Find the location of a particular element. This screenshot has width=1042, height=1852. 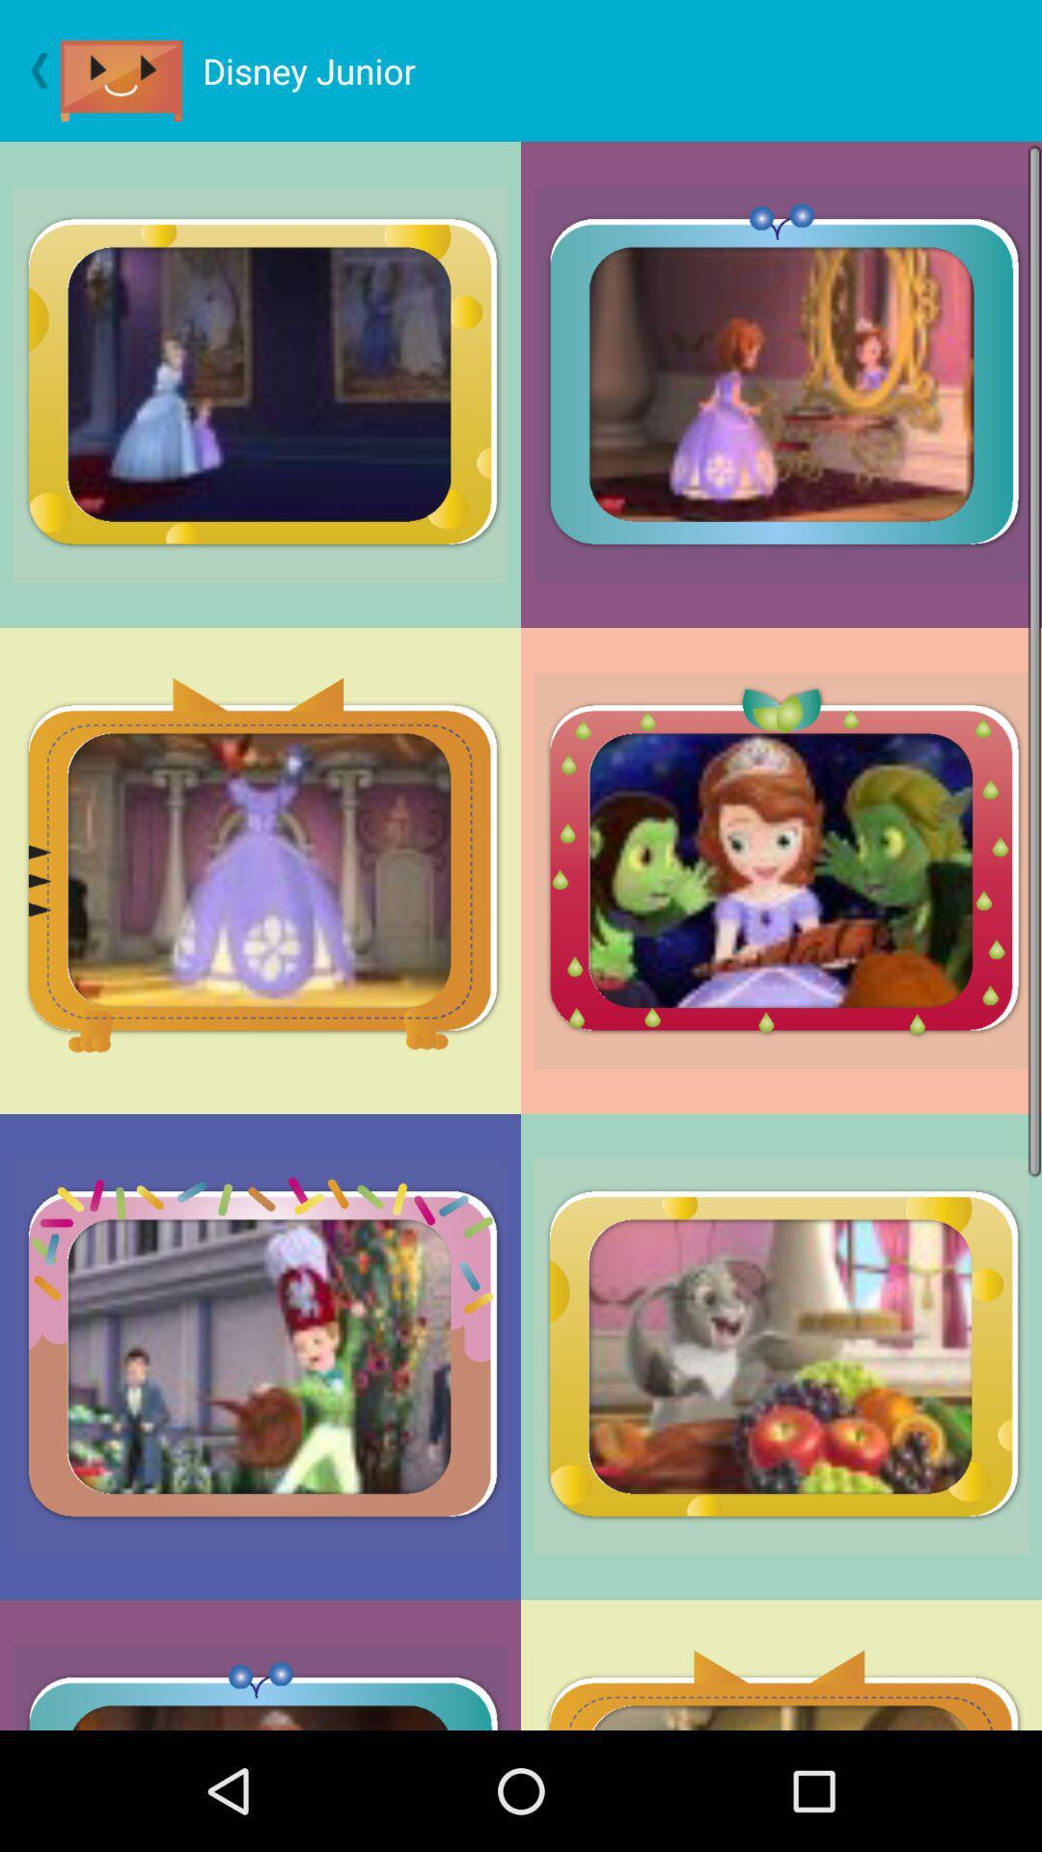

item next to the disney junior icon is located at coordinates (130, 70).